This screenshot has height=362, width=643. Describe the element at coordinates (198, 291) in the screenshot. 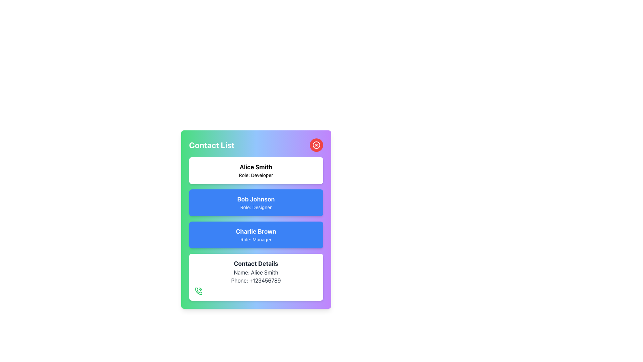

I see `the 'Call' icon located in the 'Contact Details' section of the card, positioned to the left under the text 'Phone: +123456789'` at that location.